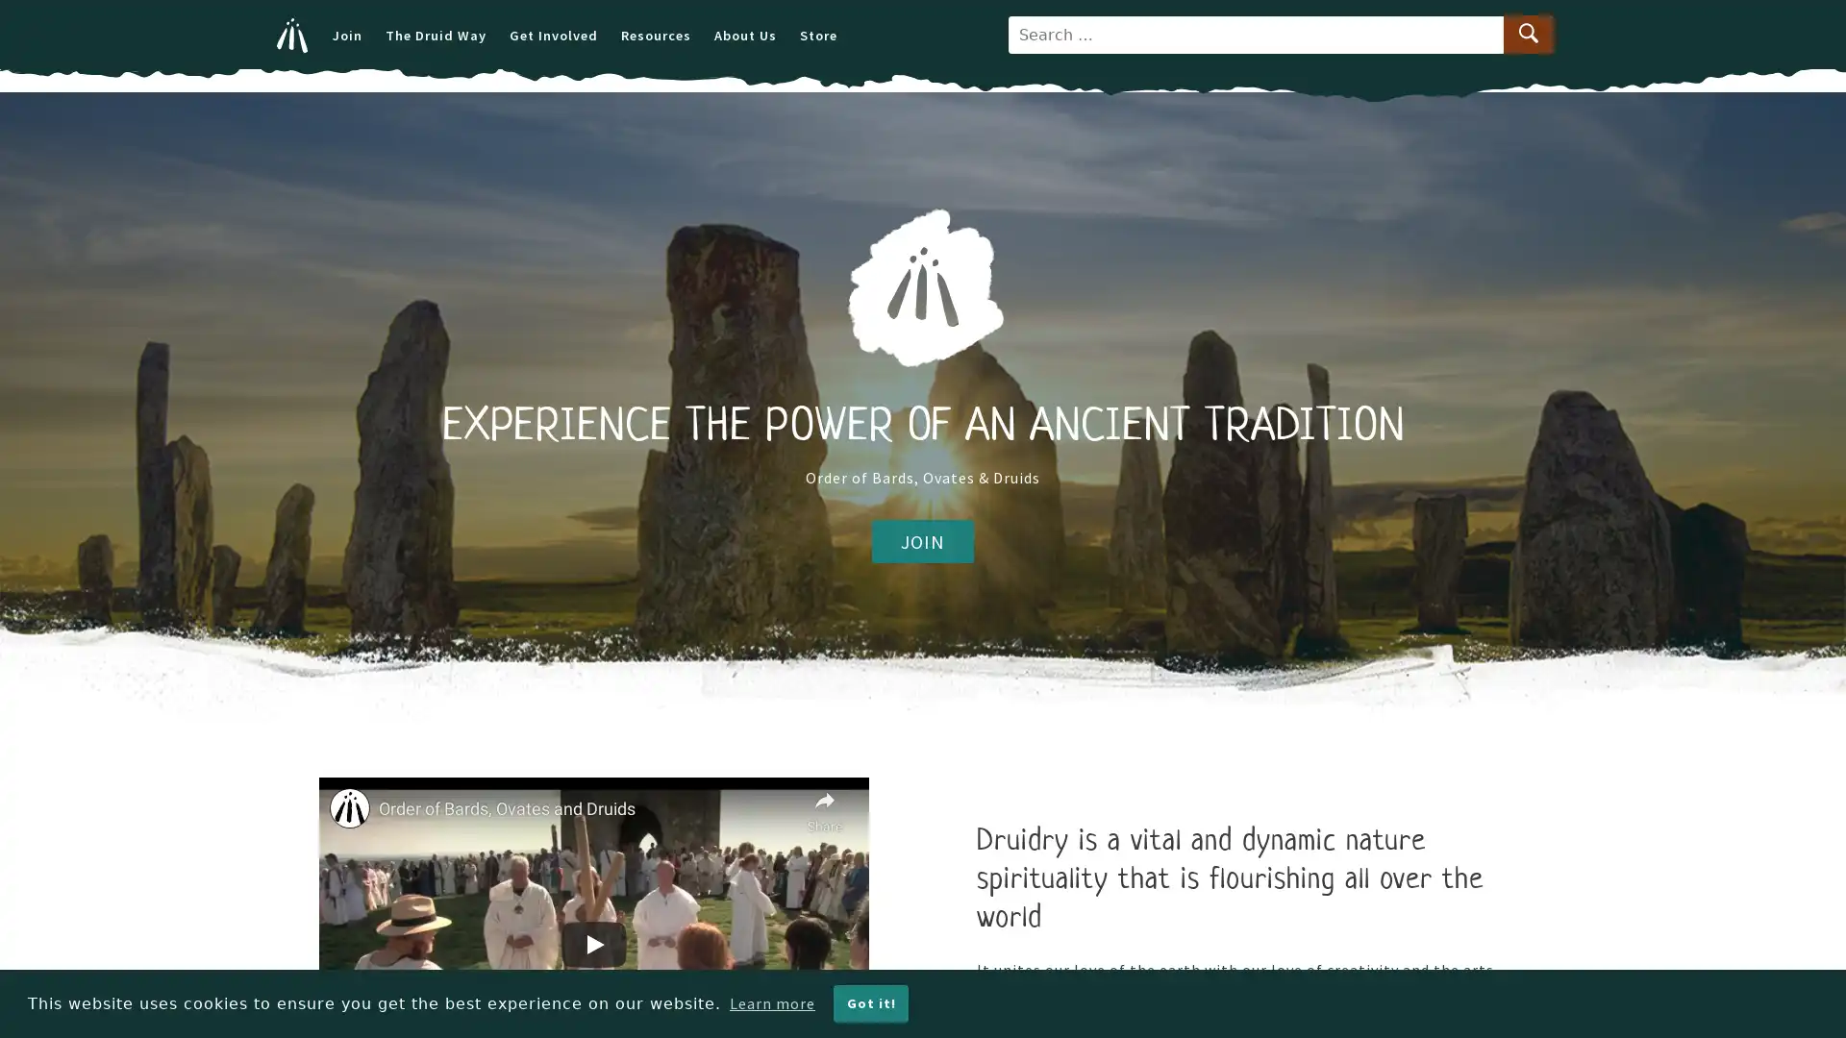 The height and width of the screenshot is (1038, 1846). I want to click on dismiss cookie message, so click(870, 1002).